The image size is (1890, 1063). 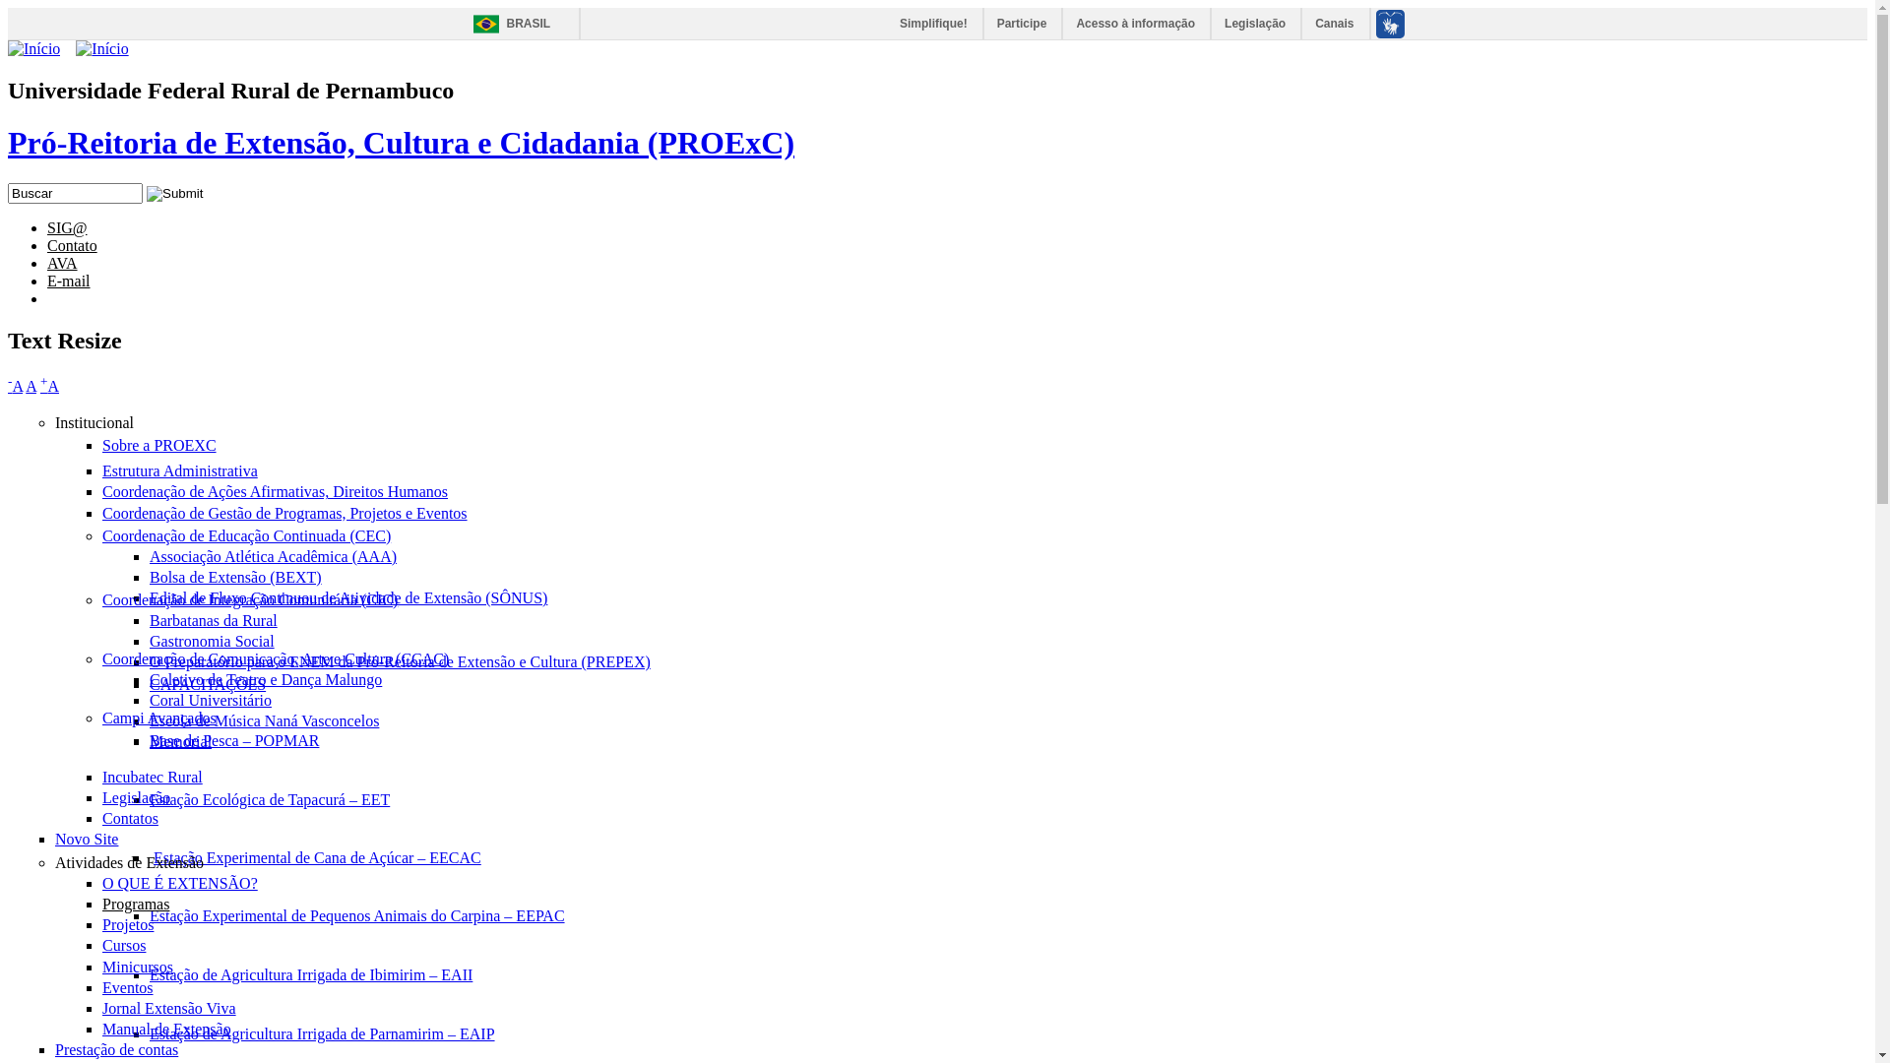 What do you see at coordinates (151, 776) in the screenshot?
I see `'Incubatec Rural'` at bounding box center [151, 776].